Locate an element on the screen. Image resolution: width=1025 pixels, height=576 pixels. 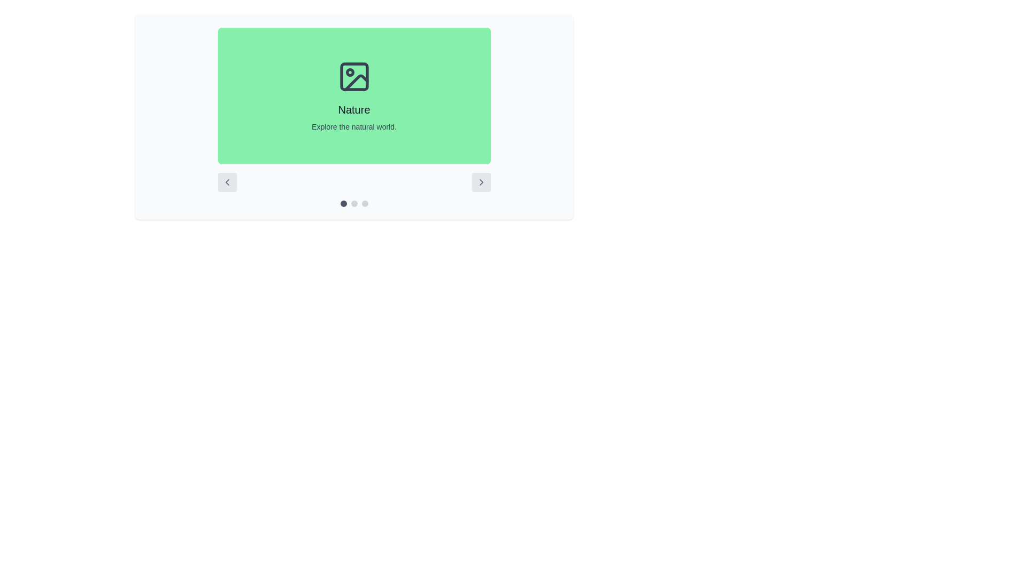
the 'Nature' icon located at the center of the green box, which is directly above the text 'Nature' and 'Explore the natural world.' is located at coordinates (354, 76).